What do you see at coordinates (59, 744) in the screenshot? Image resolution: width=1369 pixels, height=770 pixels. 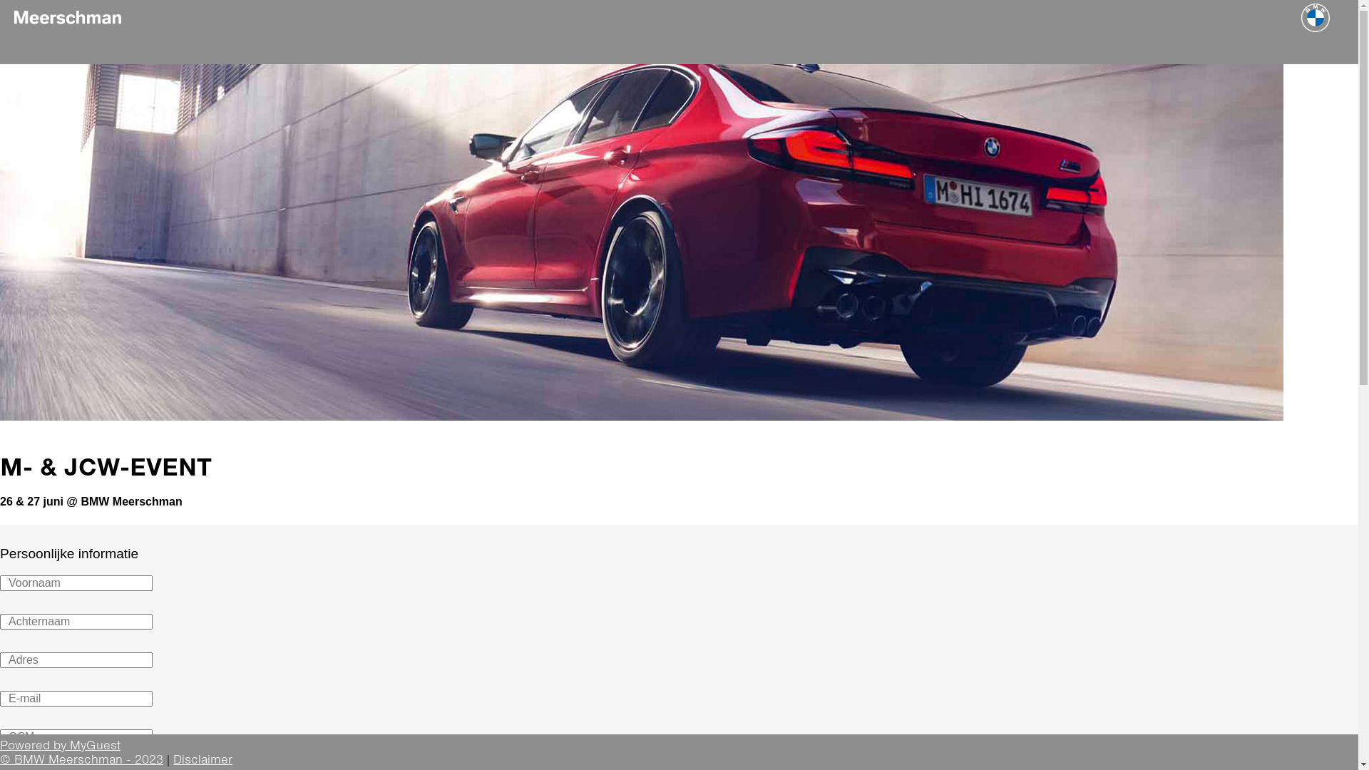 I see `'Powered by MyGuest'` at bounding box center [59, 744].